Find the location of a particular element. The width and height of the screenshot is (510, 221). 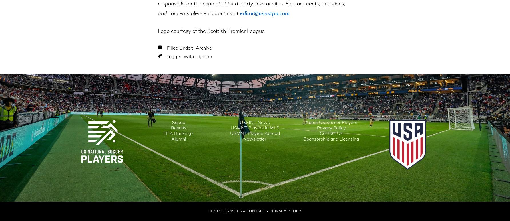

'USMNT Players Abroad' is located at coordinates (254, 133).